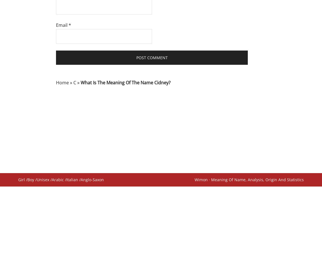  What do you see at coordinates (74, 82) in the screenshot?
I see `'C'` at bounding box center [74, 82].